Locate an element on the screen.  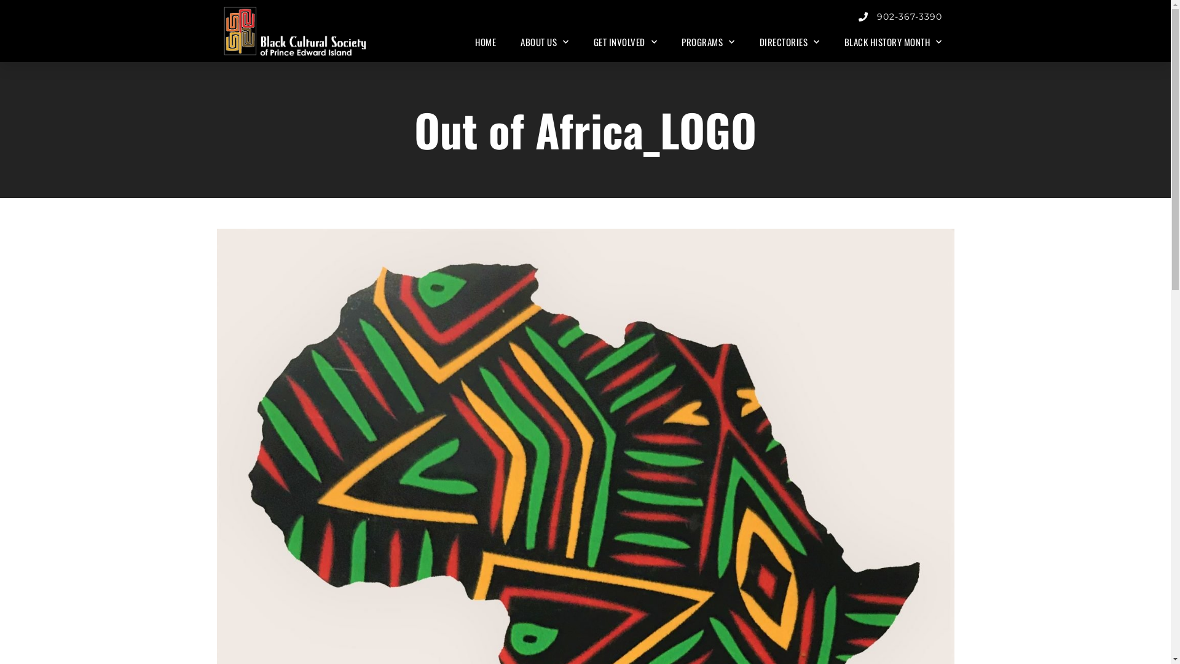
'BLACK HISTORY MONTH' is located at coordinates (893, 41).